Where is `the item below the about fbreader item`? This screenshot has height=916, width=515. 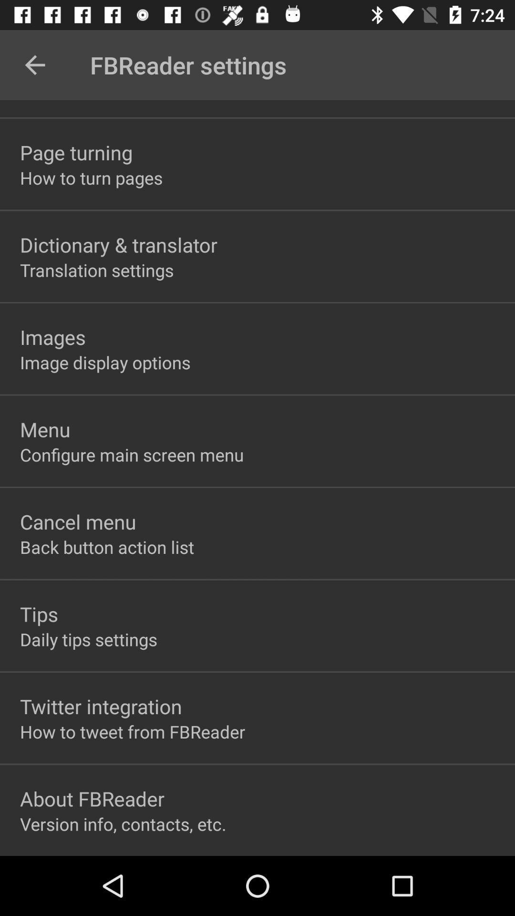 the item below the about fbreader item is located at coordinates (123, 823).